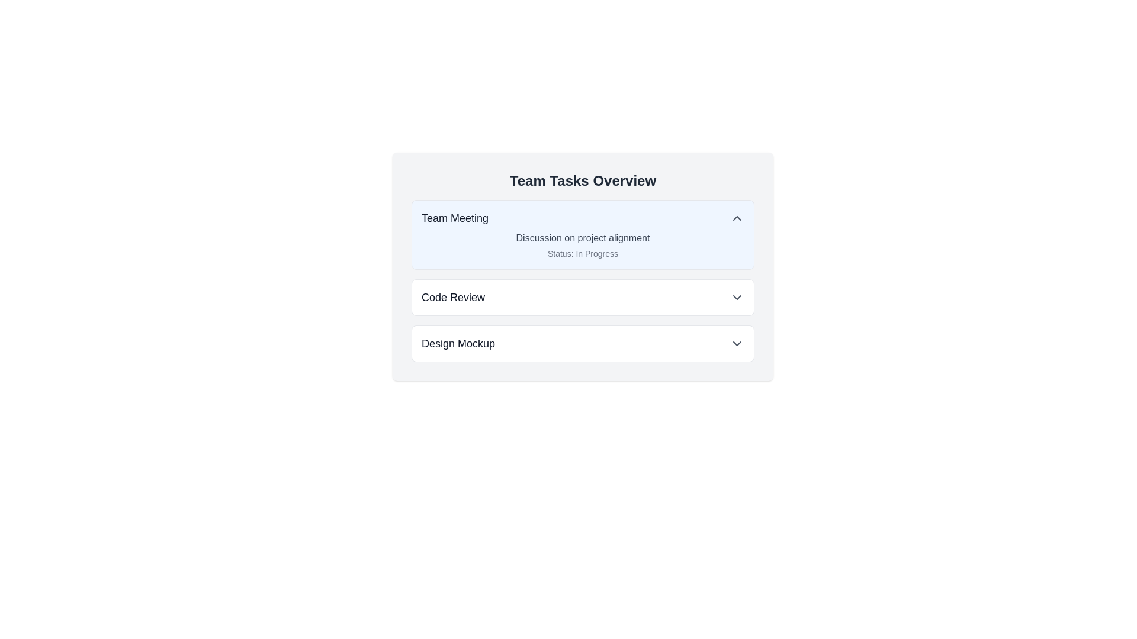 This screenshot has height=639, width=1137. Describe the element at coordinates (457, 344) in the screenshot. I see `text of the header label for the task item named 'Design Mockup', which is centrally located in the task list interface, to the left of a downward chevron icon` at that location.